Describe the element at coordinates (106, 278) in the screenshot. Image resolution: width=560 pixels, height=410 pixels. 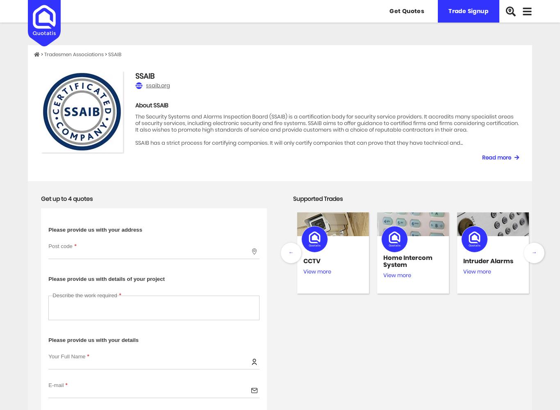
I see `'Please provide us with details of your project'` at that location.